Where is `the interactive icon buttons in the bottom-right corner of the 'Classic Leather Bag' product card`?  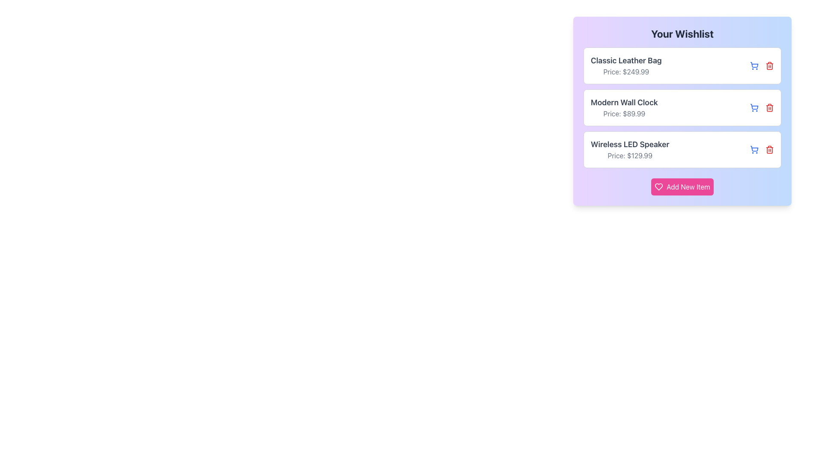 the interactive icon buttons in the bottom-right corner of the 'Classic Leather Bag' product card is located at coordinates (762, 65).